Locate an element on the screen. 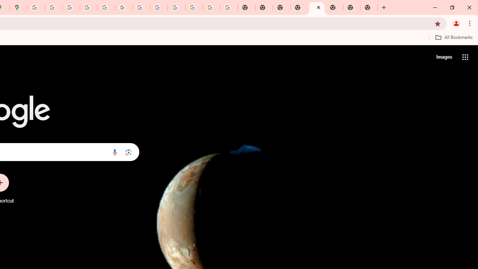 The height and width of the screenshot is (269, 478). 'Privacy Help Center - Policies Help' is located at coordinates (71, 7).